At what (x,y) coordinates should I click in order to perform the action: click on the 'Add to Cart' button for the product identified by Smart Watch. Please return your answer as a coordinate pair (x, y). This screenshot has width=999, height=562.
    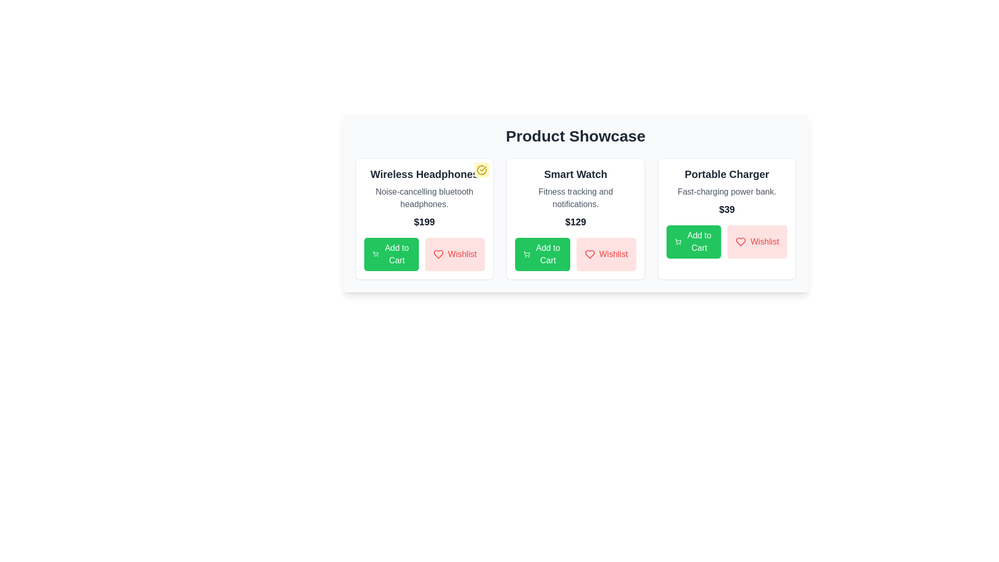
    Looking at the image, I should click on (542, 254).